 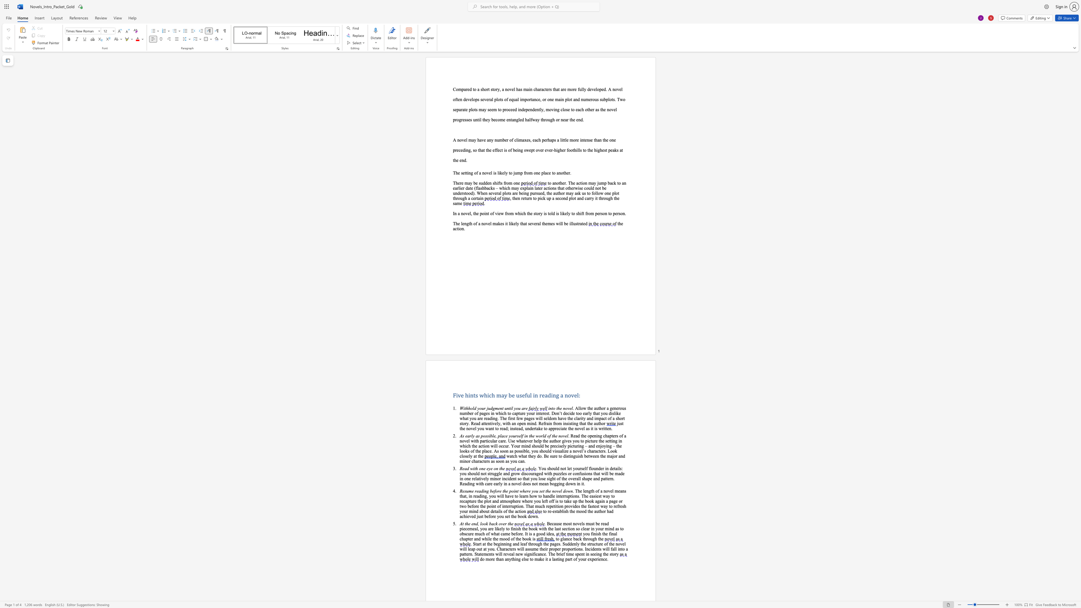 I want to click on the subset text "our mind abo" within the text "the fastest way to refresh your mind about details of the action", so click(x=462, y=511).